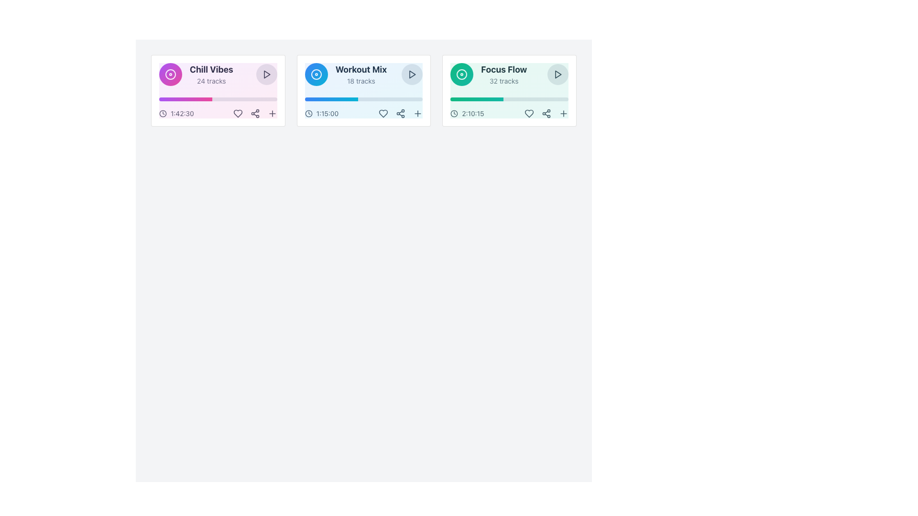 The image size is (918, 516). I want to click on the informational label displaying '32 tracks' located within the 'Focus Flow' card, positioned centrally below the title text 'Focus Flow', so click(503, 80).